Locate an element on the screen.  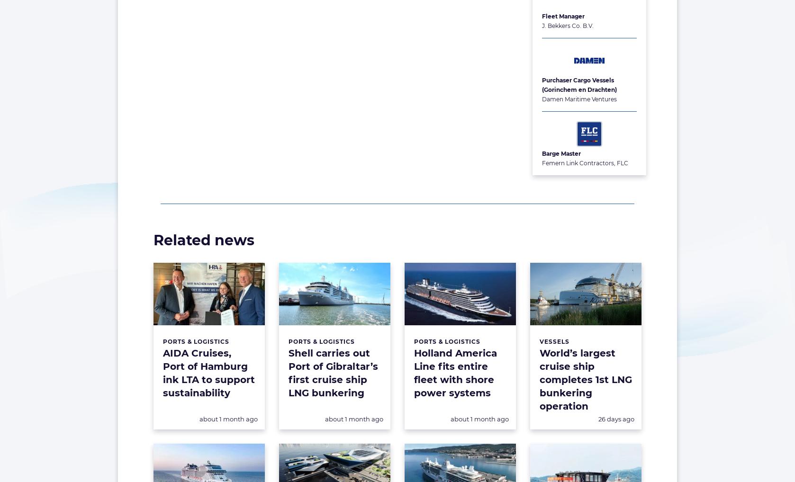
'26 days ago' is located at coordinates (598, 419).